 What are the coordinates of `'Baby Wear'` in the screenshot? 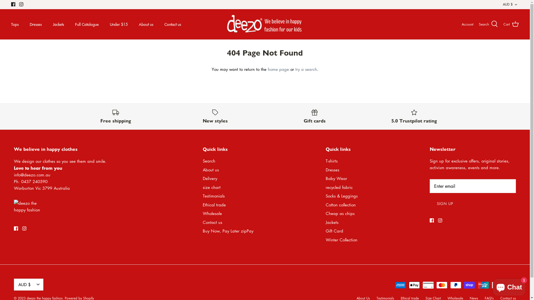 It's located at (336, 178).